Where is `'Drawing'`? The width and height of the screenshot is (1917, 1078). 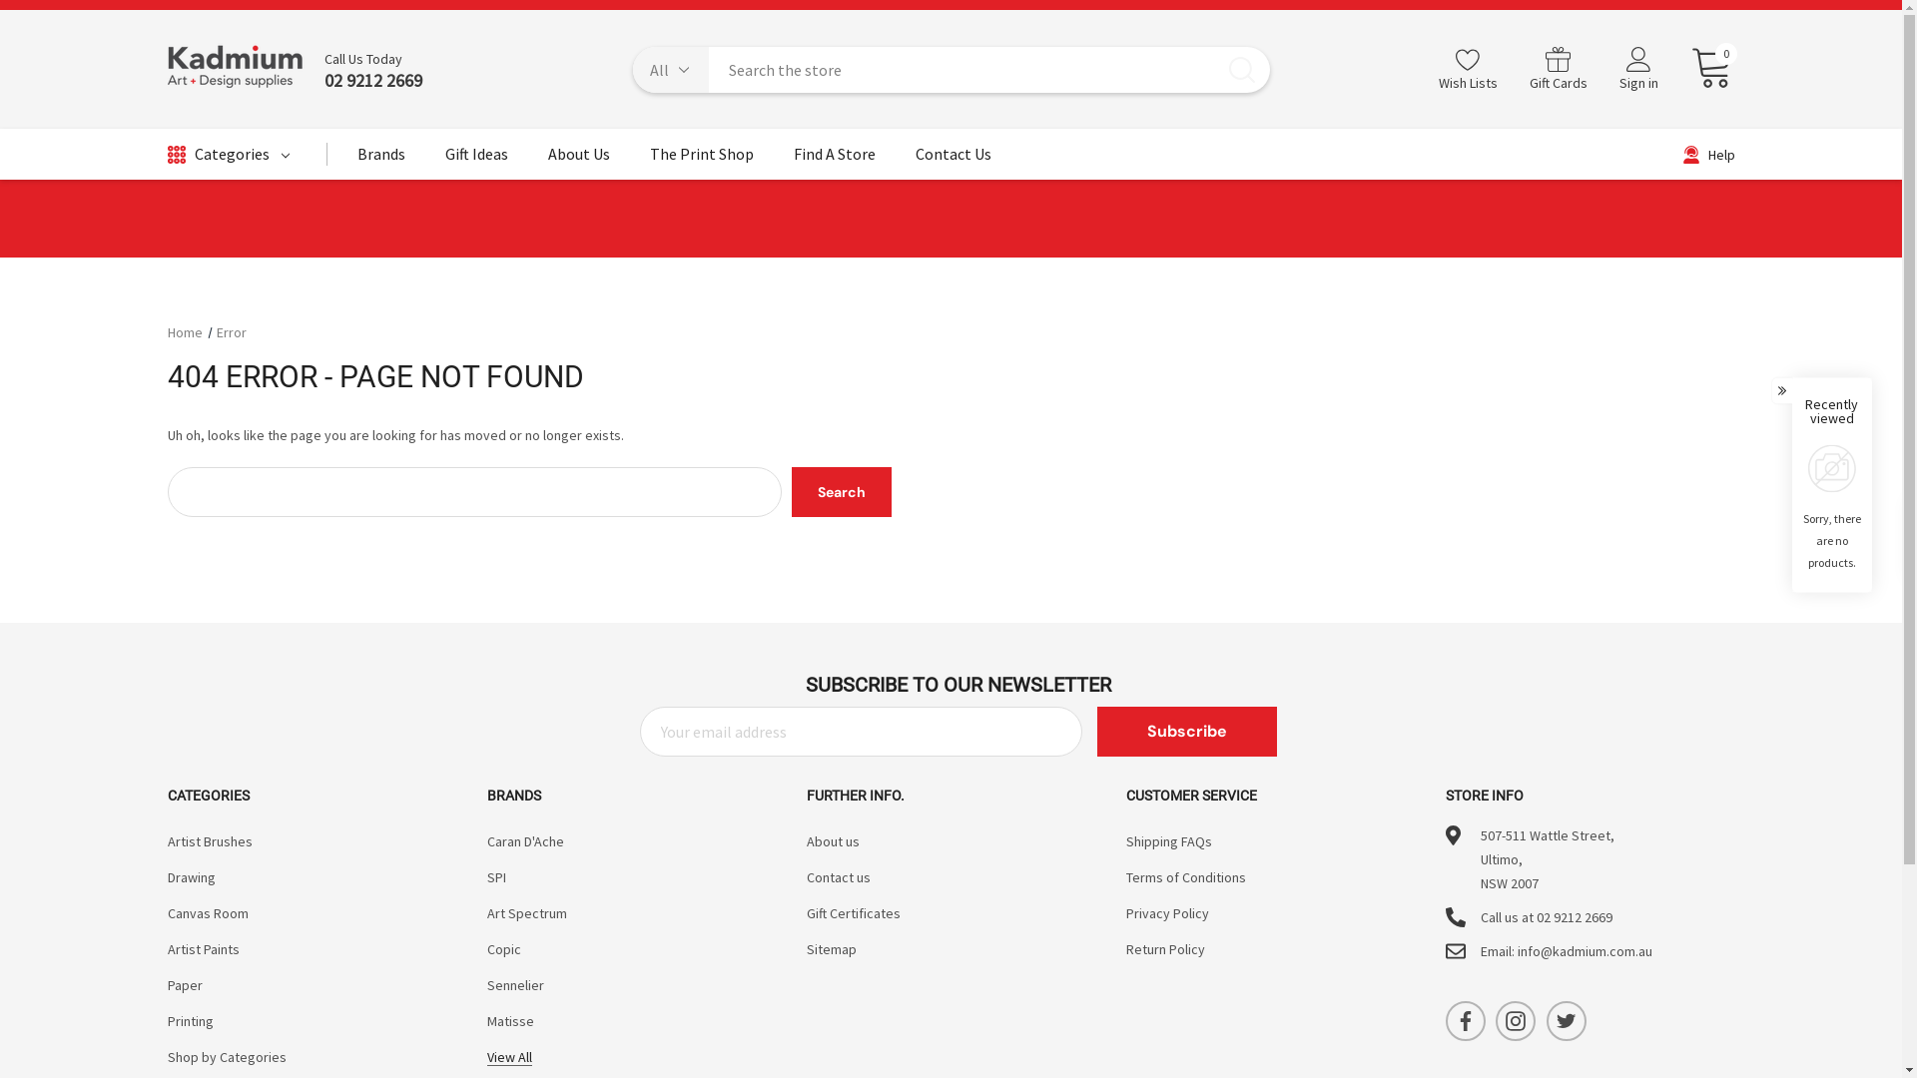
'Drawing' is located at coordinates (192, 876).